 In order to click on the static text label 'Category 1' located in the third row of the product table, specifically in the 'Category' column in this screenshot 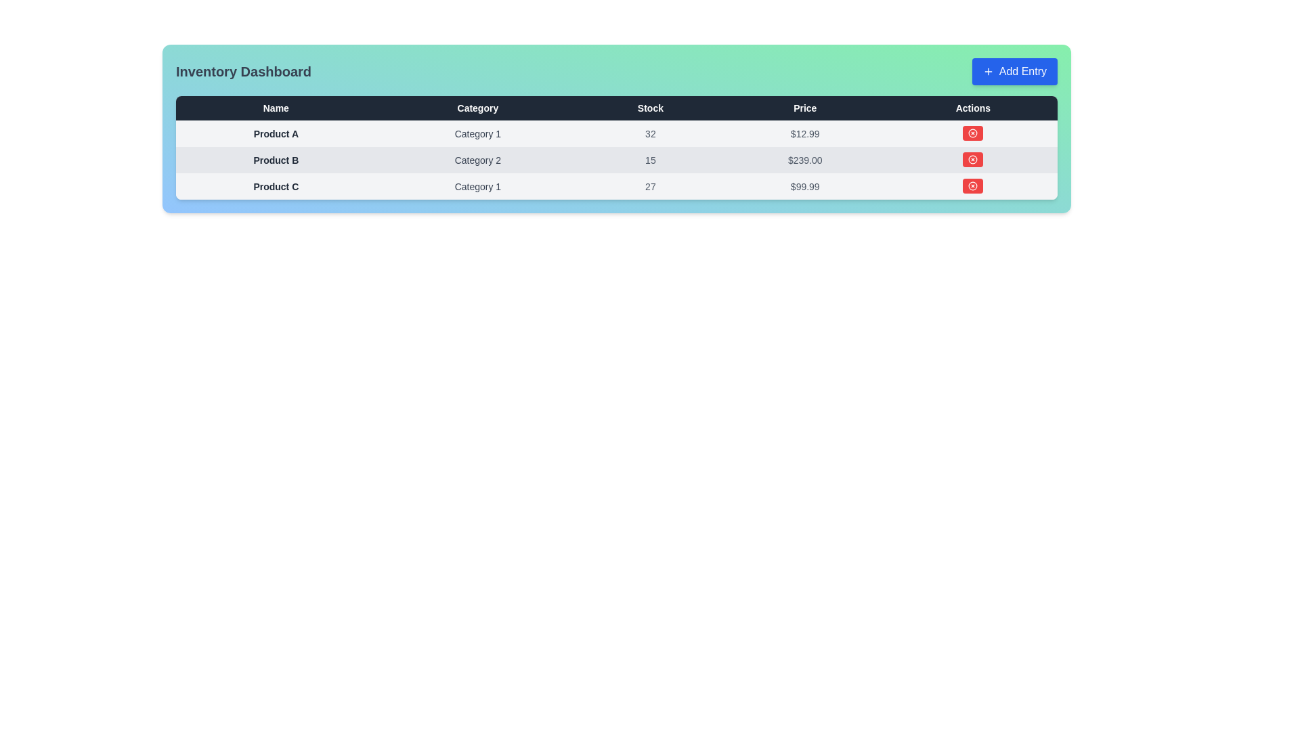, I will do `click(477, 186)`.